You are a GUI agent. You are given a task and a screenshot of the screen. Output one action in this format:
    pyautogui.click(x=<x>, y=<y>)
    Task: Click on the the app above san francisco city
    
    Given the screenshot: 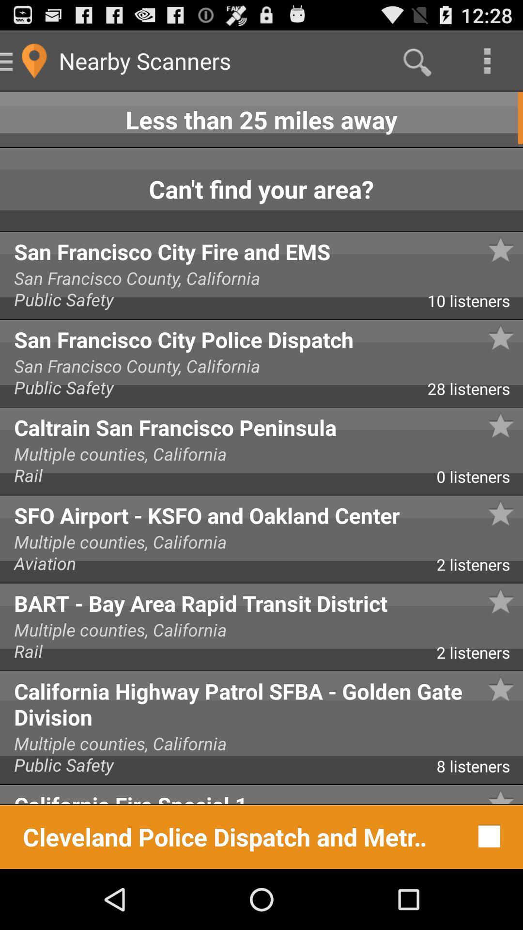 What is the action you would take?
    pyautogui.click(x=475, y=304)
    